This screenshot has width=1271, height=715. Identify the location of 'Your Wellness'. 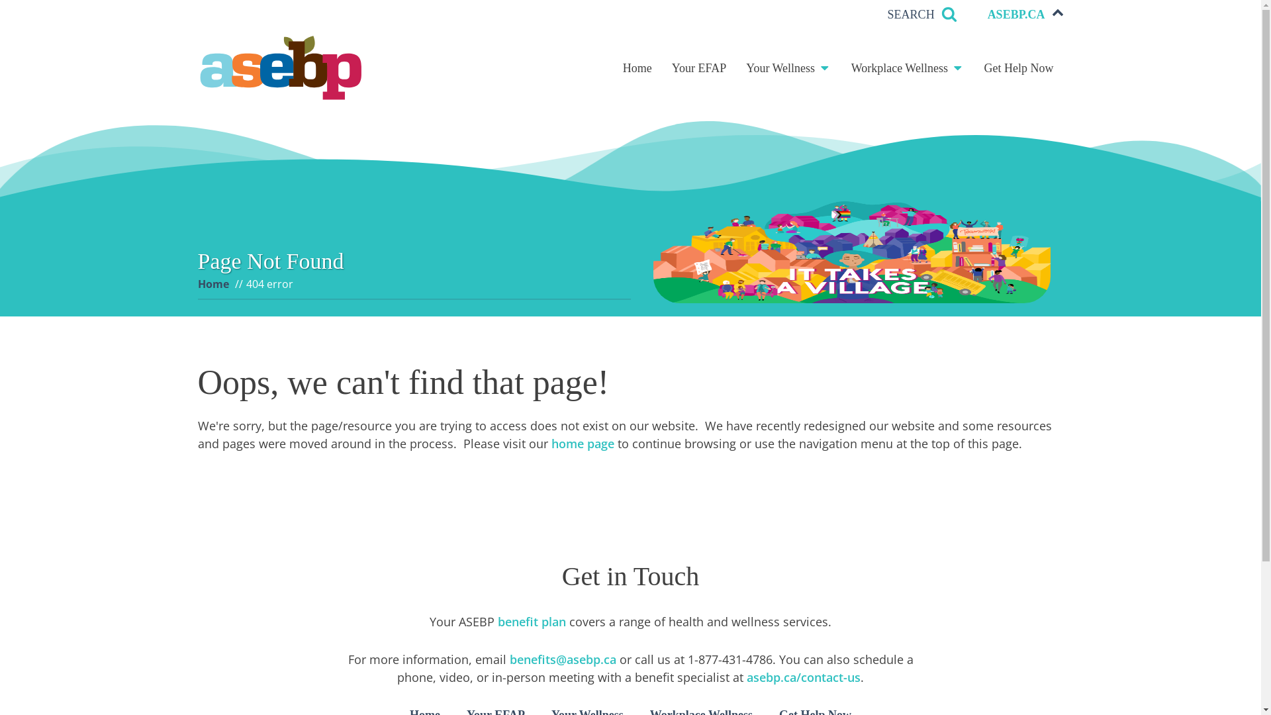
(788, 68).